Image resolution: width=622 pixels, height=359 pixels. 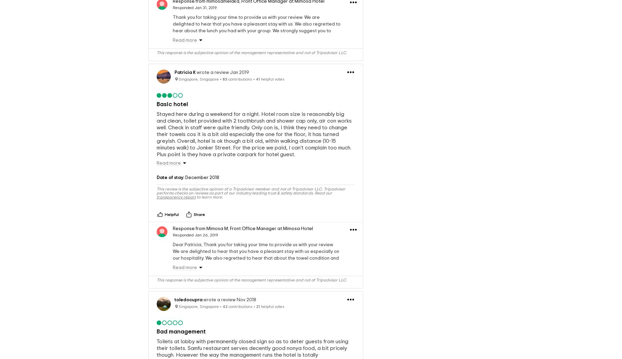 What do you see at coordinates (171, 214) in the screenshot?
I see `'Helpful'` at bounding box center [171, 214].